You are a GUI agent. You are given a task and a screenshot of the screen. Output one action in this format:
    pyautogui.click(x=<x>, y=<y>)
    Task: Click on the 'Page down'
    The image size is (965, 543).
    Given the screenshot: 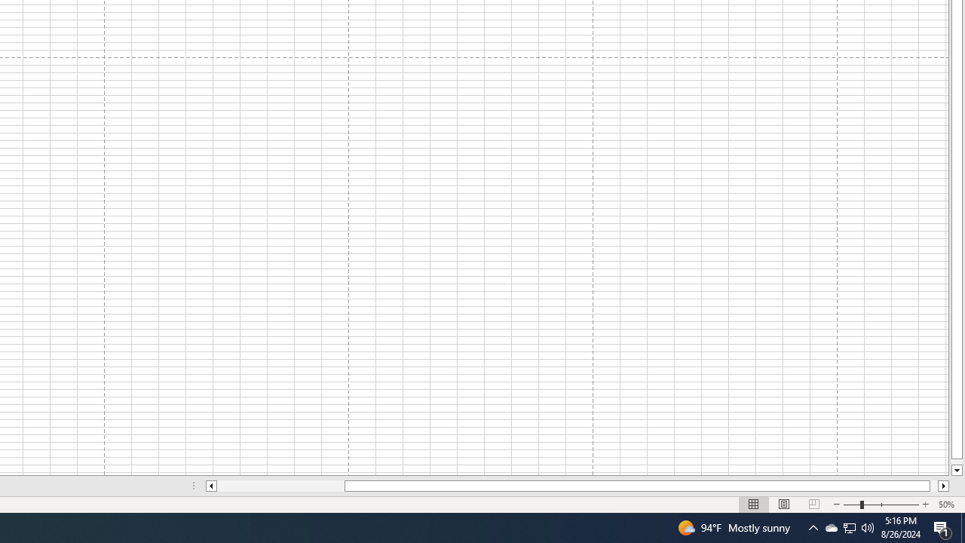 What is the action you would take?
    pyautogui.click(x=956, y=461)
    